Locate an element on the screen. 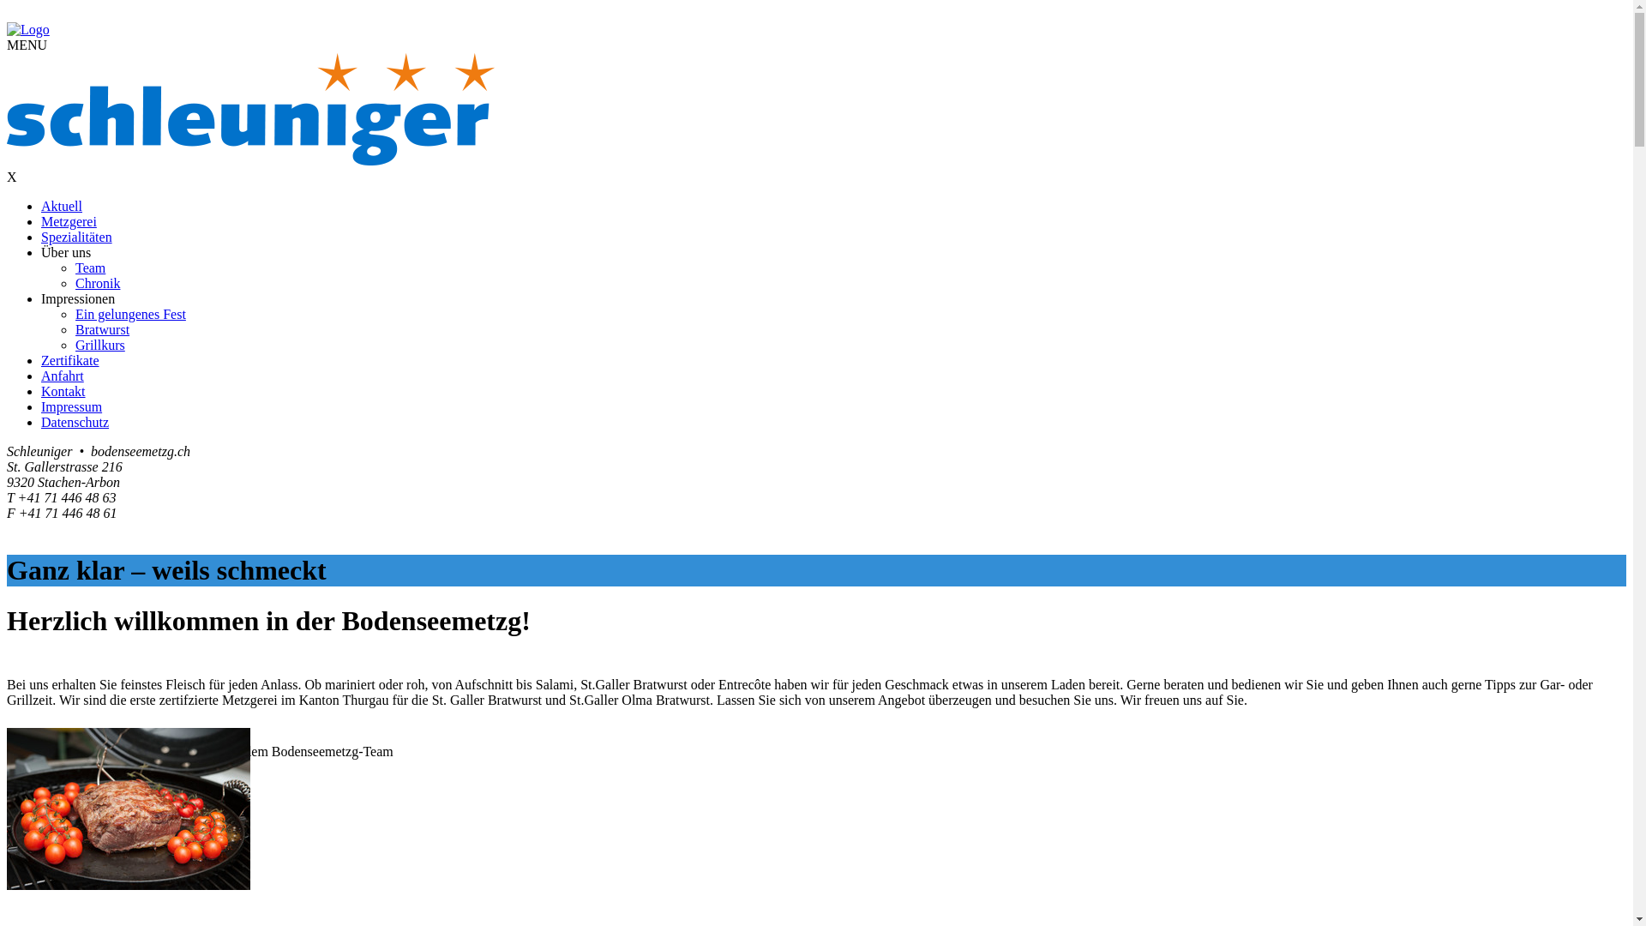  'Aktuell' is located at coordinates (62, 205).